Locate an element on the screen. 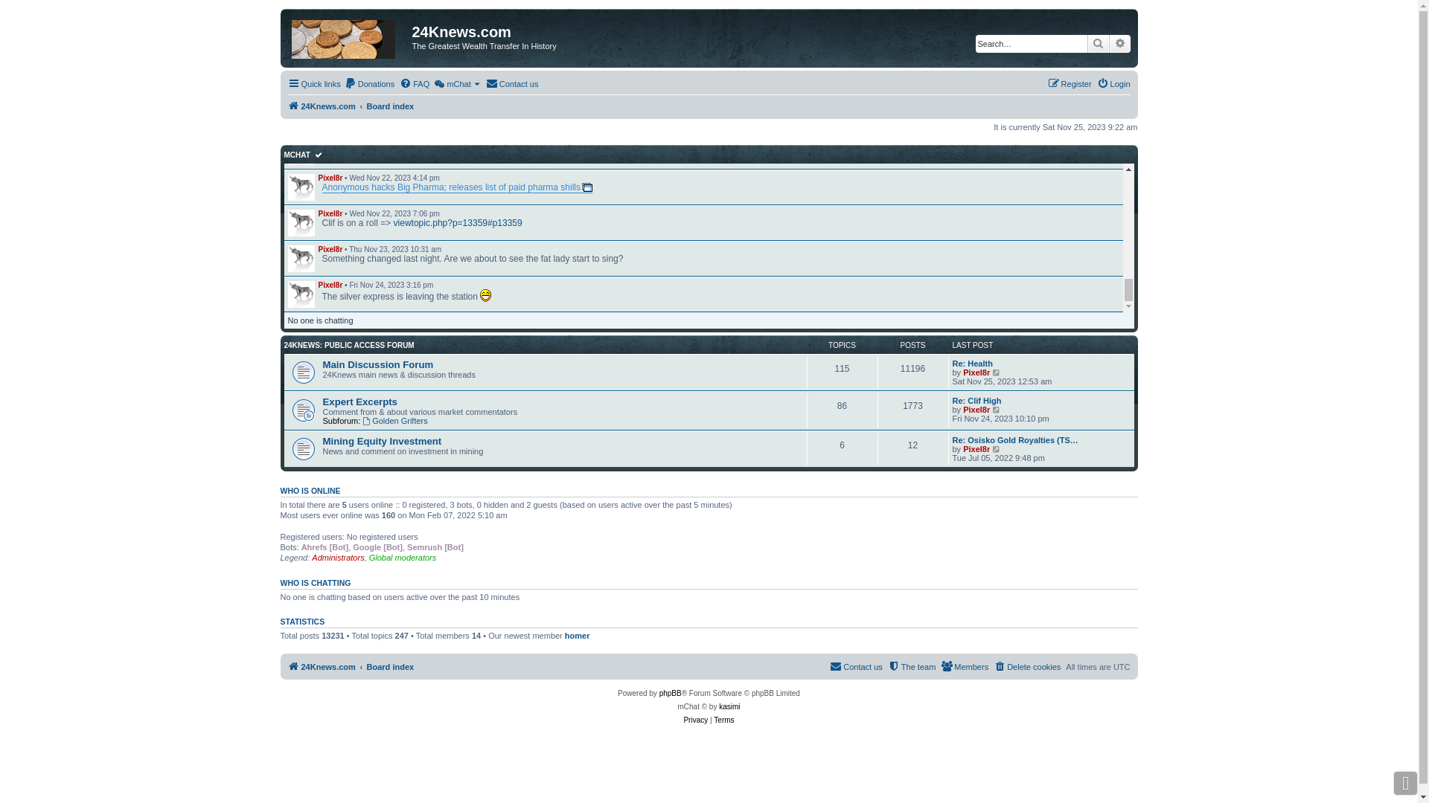  'The team' is located at coordinates (910, 666).